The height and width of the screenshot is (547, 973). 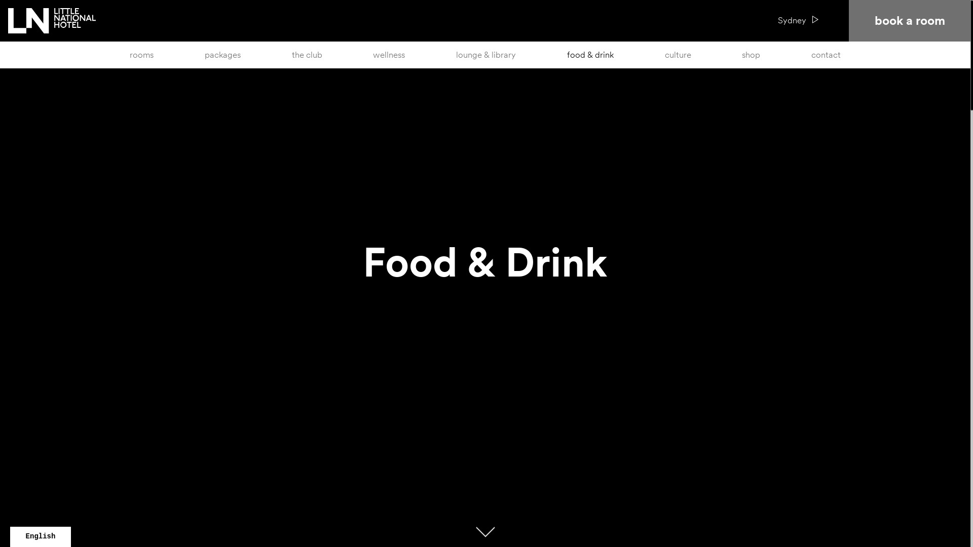 What do you see at coordinates (485, 55) in the screenshot?
I see `'lounge & library'` at bounding box center [485, 55].